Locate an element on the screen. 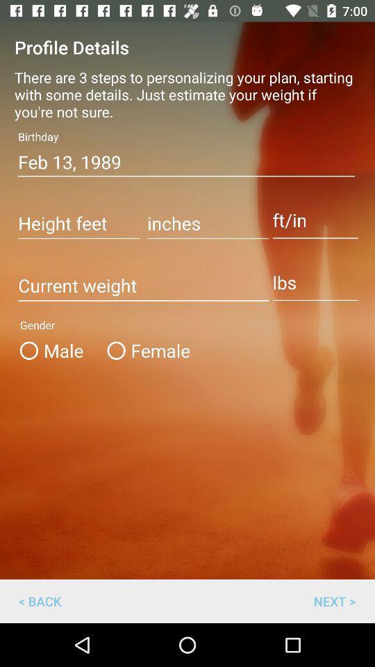 This screenshot has height=667, width=375. item to the left of female icon is located at coordinates (57, 349).